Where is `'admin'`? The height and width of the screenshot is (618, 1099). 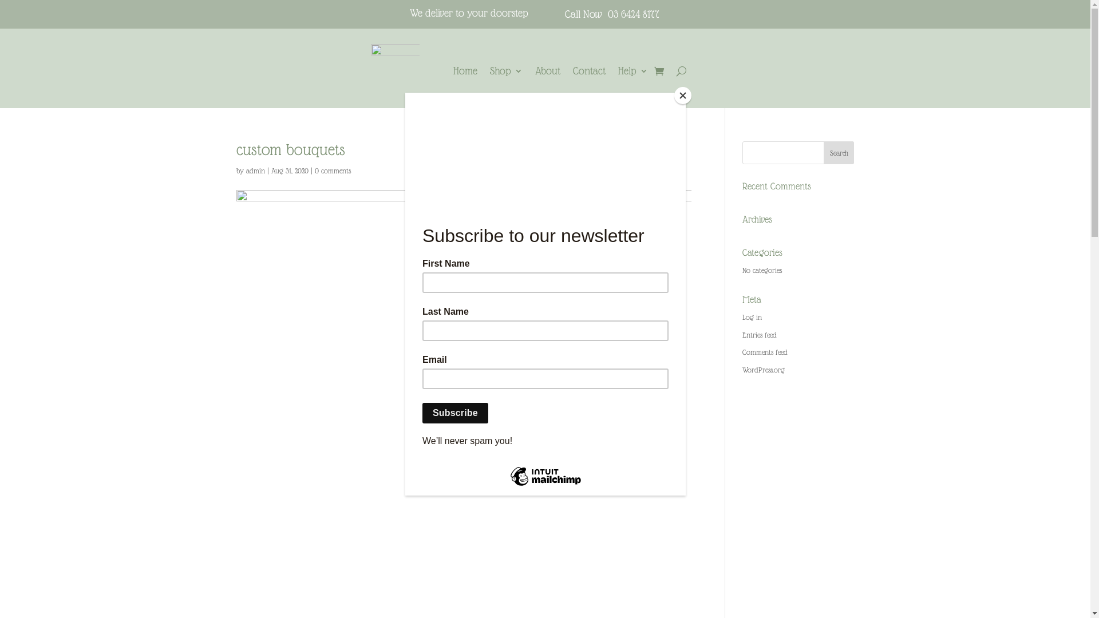
'admin' is located at coordinates (255, 171).